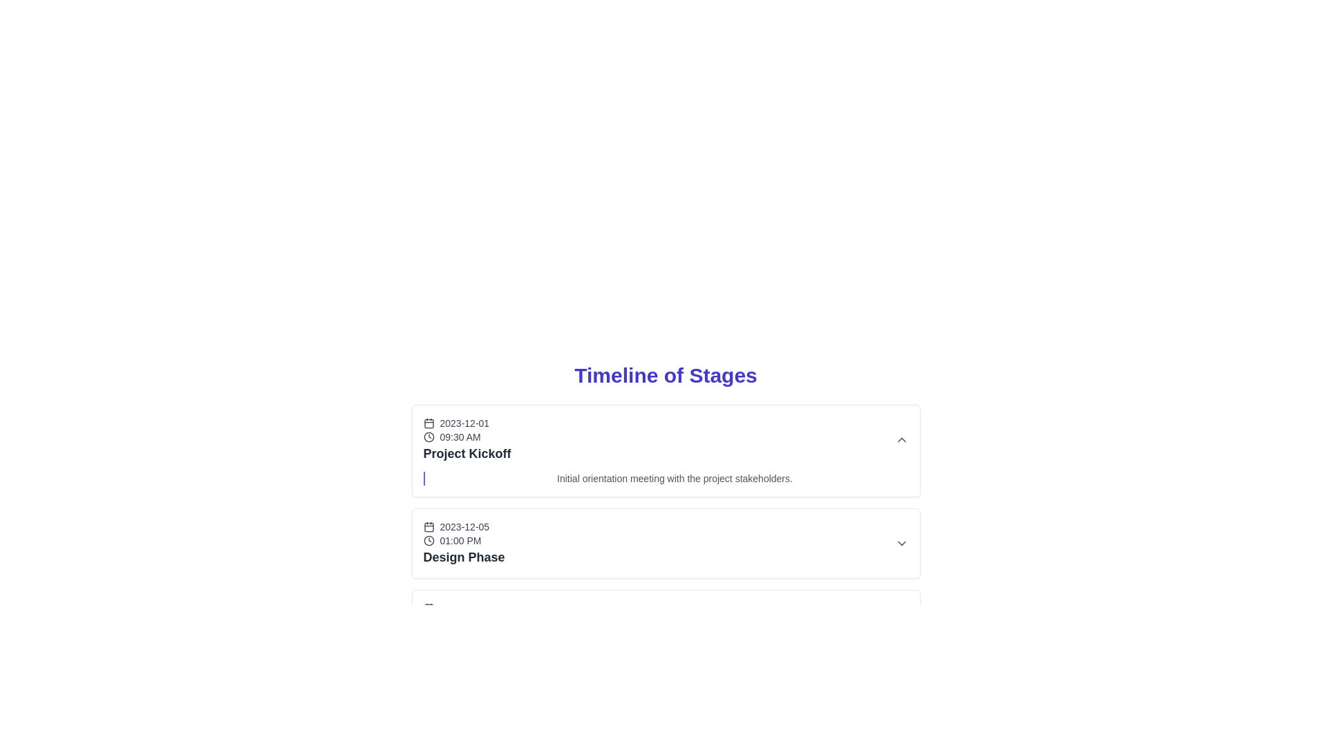  What do you see at coordinates (428, 527) in the screenshot?
I see `the date display area of the calendar icon, which is the inner rectangle within the SVG calendar icon` at bounding box center [428, 527].